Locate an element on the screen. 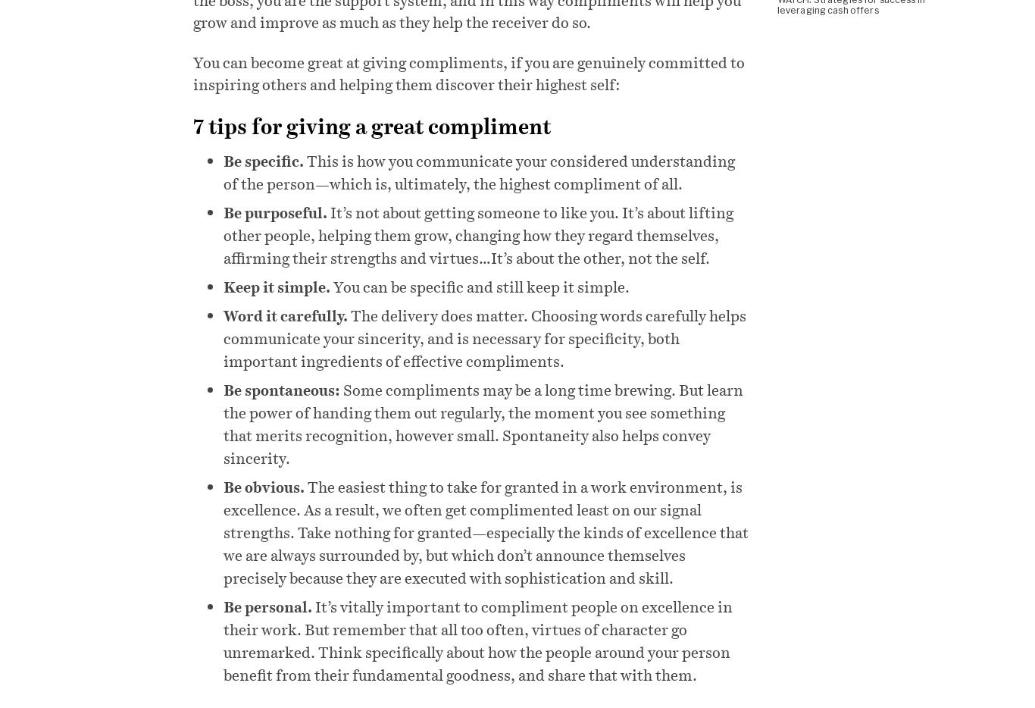 The image size is (1035, 708). 'You can become great at giving compliments, if you are genuinely committed to inspiring others and helping them discover their highest self:' is located at coordinates (467, 72).